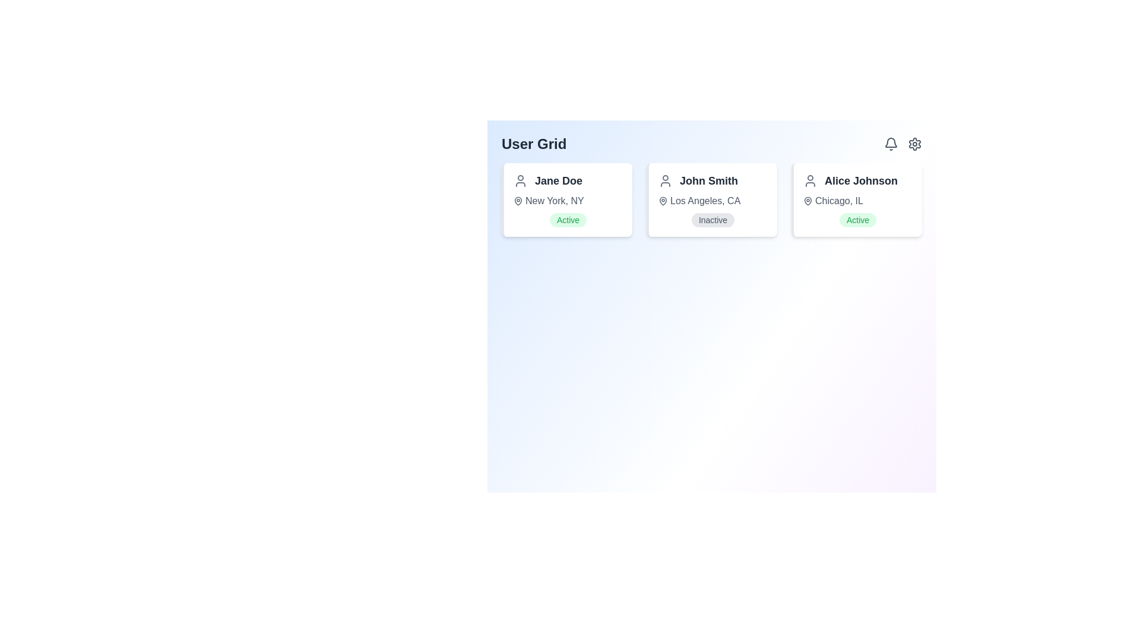  I want to click on text of the label that identifies the user, which is positioned to the right of the user icon and above the description 'Chicago, IL' within the user card context, so click(861, 180).